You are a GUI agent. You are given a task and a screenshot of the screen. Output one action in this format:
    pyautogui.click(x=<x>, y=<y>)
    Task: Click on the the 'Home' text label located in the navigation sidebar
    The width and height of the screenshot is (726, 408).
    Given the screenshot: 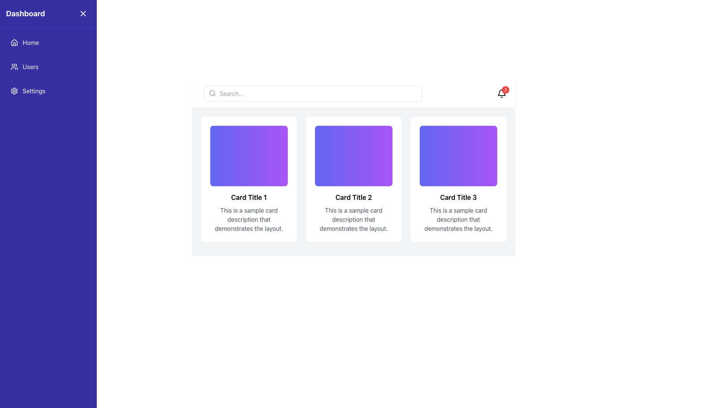 What is the action you would take?
    pyautogui.click(x=30, y=42)
    